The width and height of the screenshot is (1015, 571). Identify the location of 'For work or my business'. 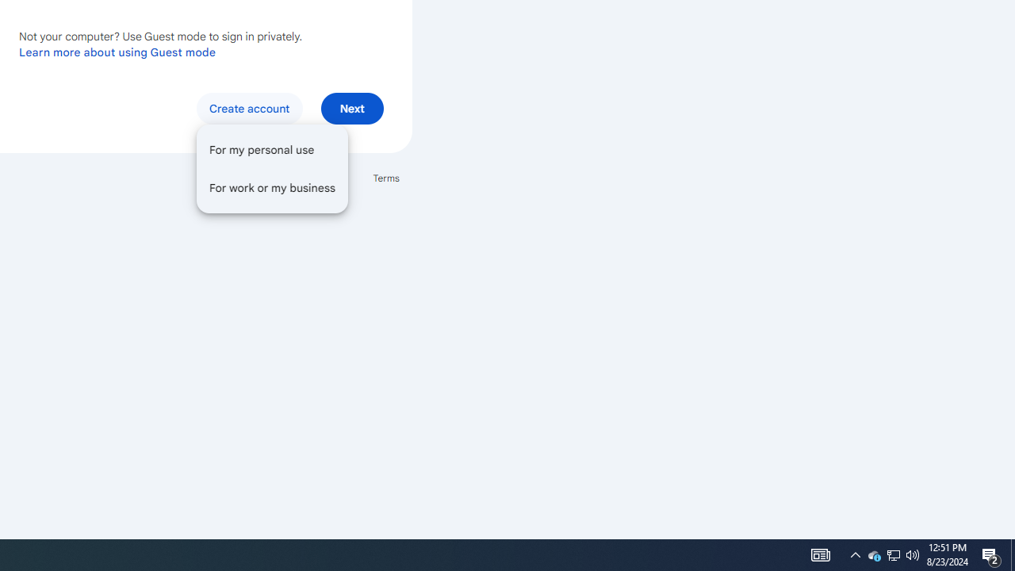
(272, 186).